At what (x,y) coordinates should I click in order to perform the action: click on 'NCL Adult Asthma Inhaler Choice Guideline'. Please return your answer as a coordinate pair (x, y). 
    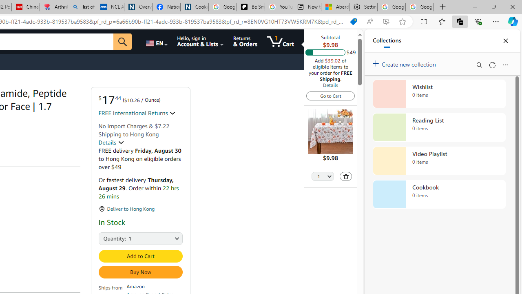
    Looking at the image, I should click on (110, 7).